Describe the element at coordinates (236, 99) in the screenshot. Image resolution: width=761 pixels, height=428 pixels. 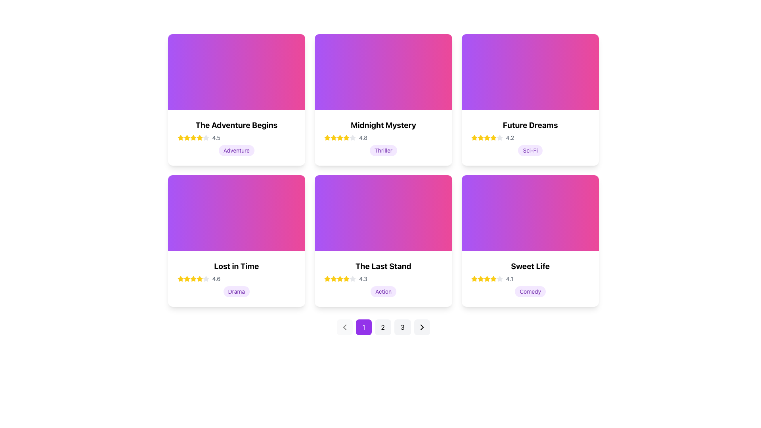
I see `the card element that features a bold title, star rating, and a rounded button, located in the first column of the first row of the grid layout` at that location.